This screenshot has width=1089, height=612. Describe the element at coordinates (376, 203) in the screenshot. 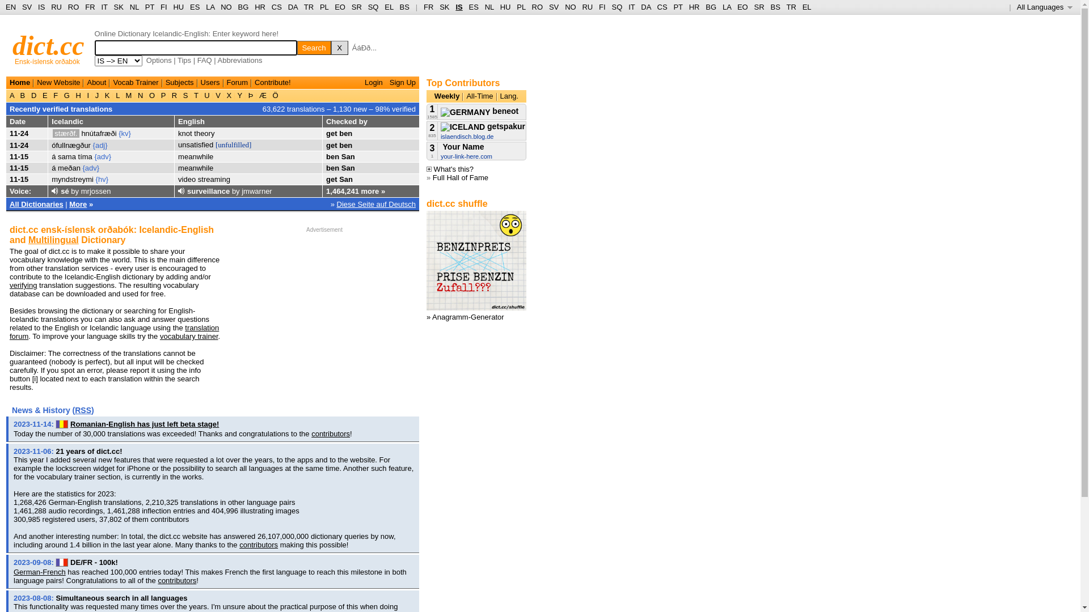

I see `'Diese Seite auf Deutsch'` at that location.